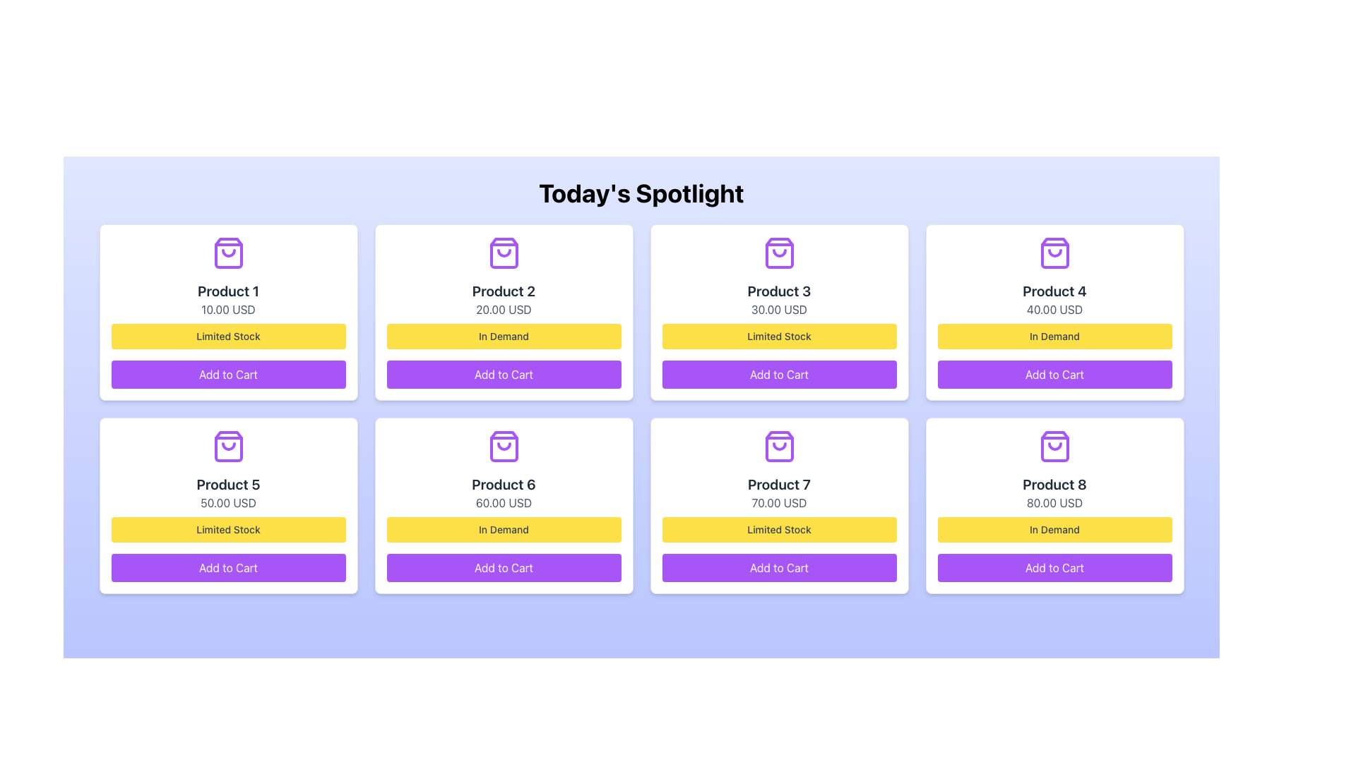  I want to click on the limited stock notification label for 'Product 7', which is centrally positioned between the price display and the 'Add to Cart' button, so click(778, 530).